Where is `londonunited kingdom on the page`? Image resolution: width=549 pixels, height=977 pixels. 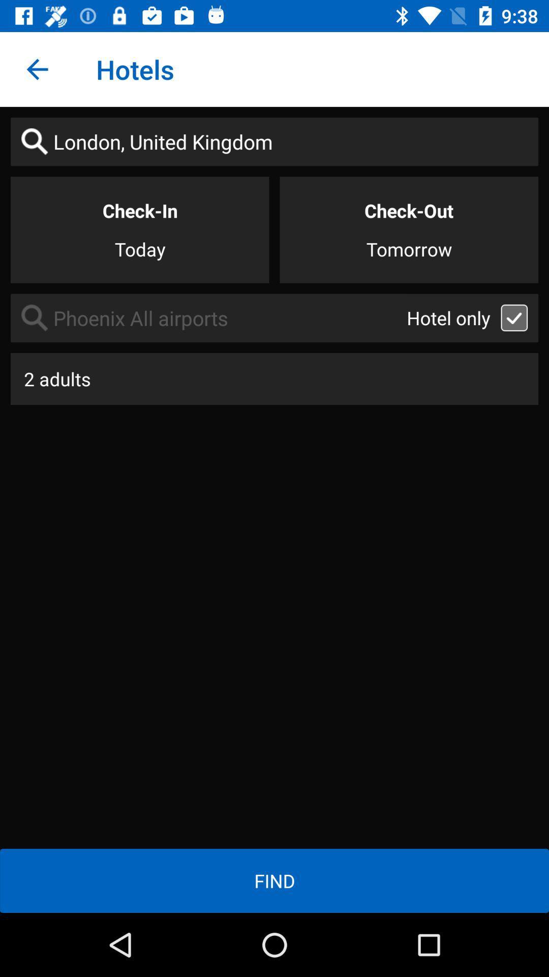
londonunited kingdom on the page is located at coordinates (274, 141).